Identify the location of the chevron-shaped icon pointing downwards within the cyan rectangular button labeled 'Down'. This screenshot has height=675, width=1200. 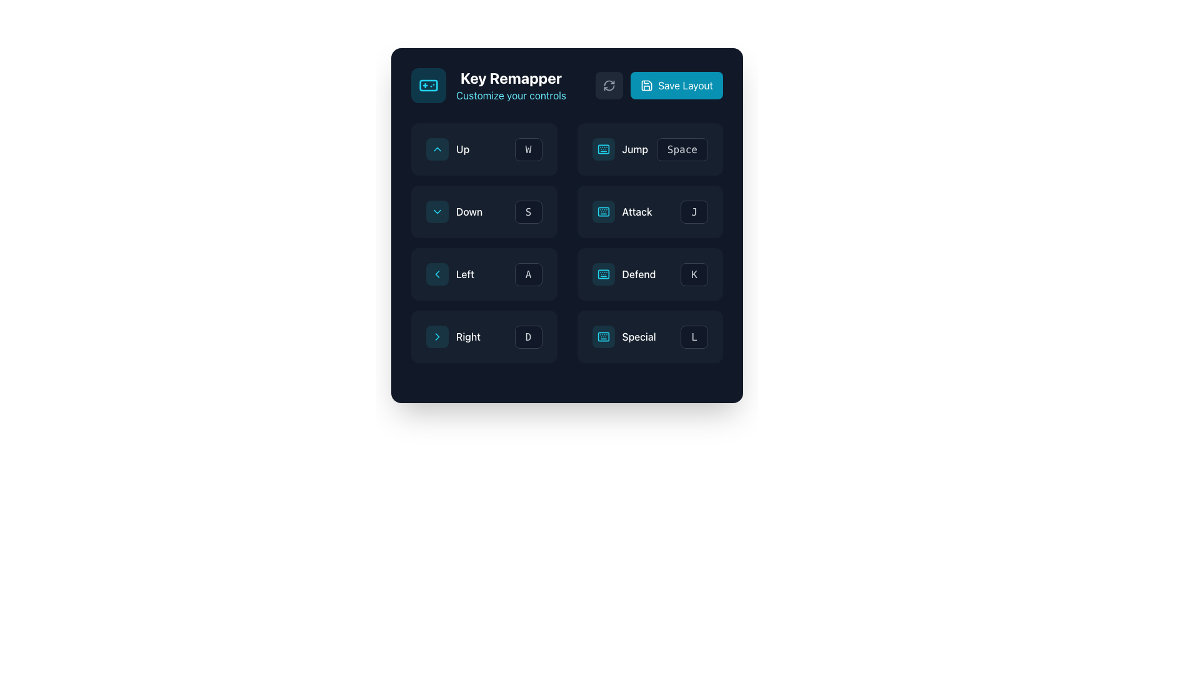
(437, 211).